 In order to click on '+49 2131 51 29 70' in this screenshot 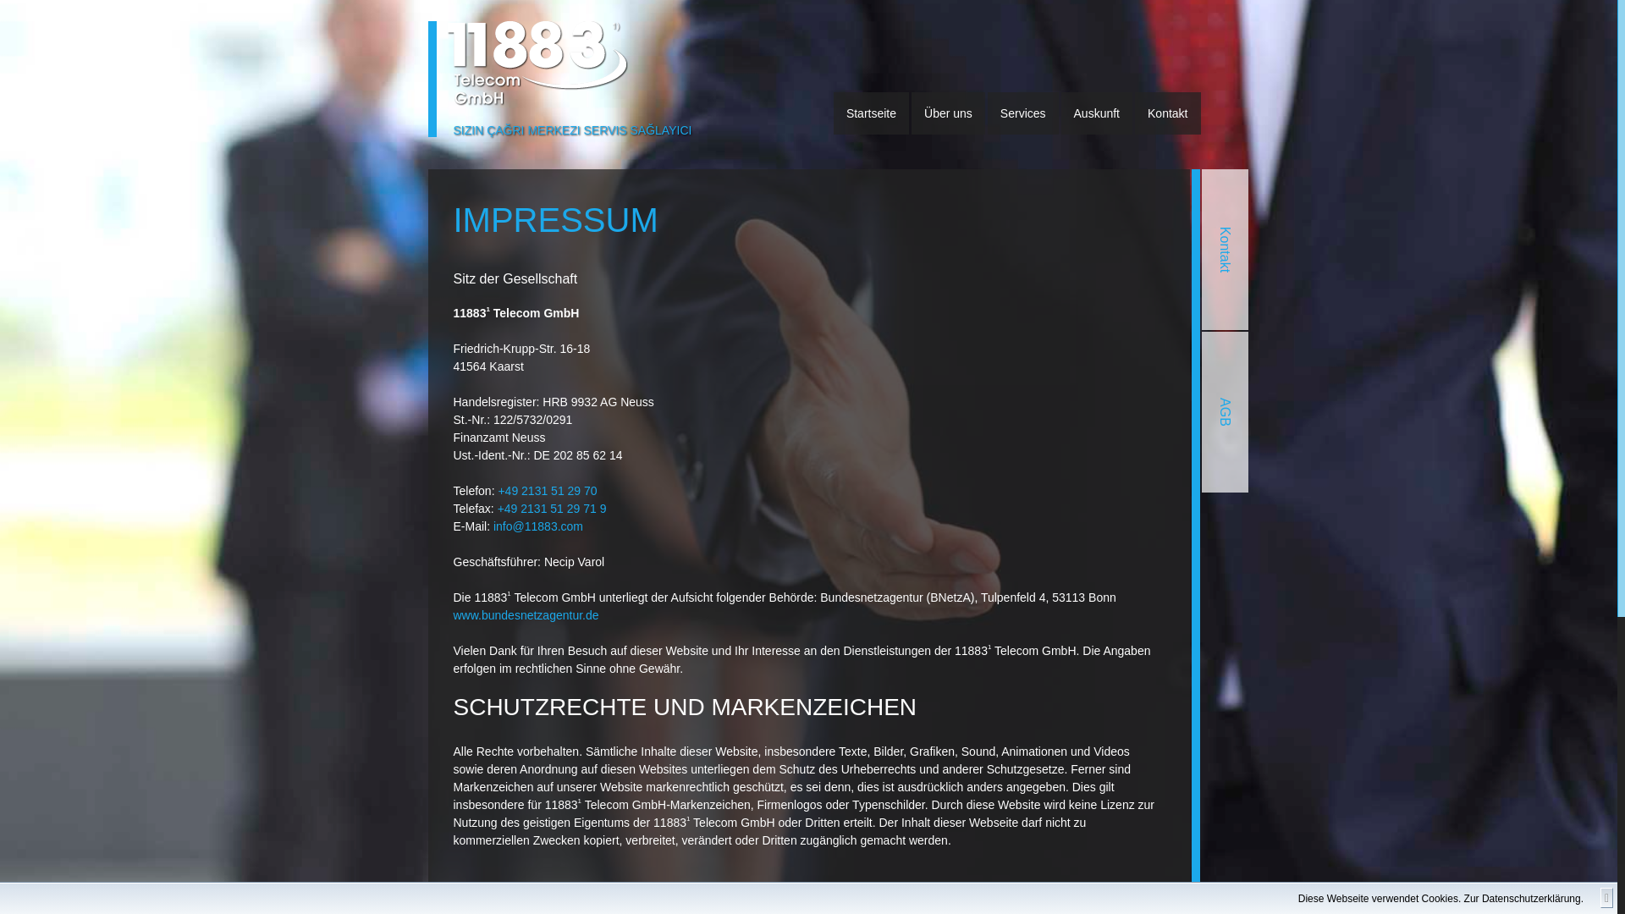, I will do `click(497, 490)`.